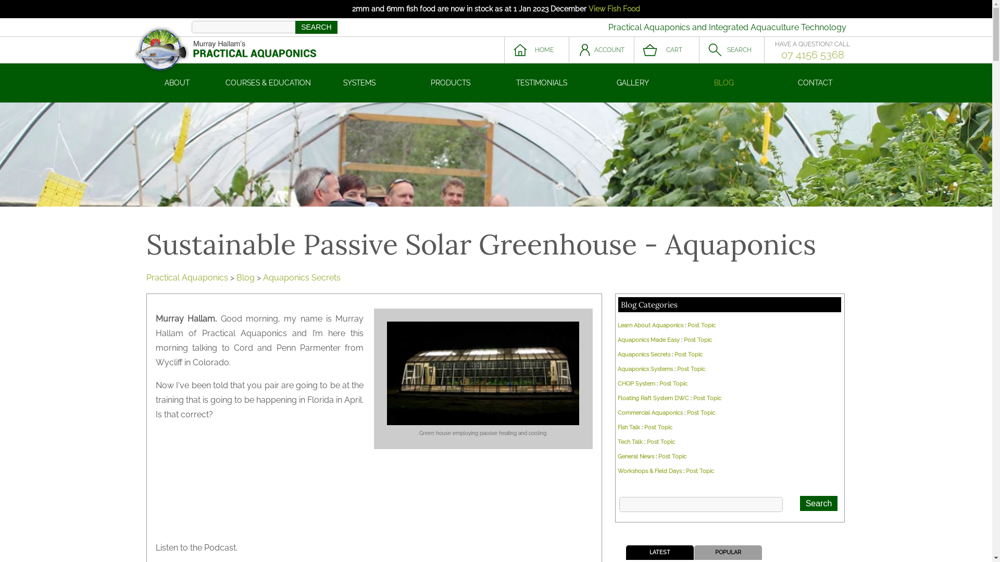 Image resolution: width=1000 pixels, height=562 pixels. I want to click on 'General News', so click(635, 456).